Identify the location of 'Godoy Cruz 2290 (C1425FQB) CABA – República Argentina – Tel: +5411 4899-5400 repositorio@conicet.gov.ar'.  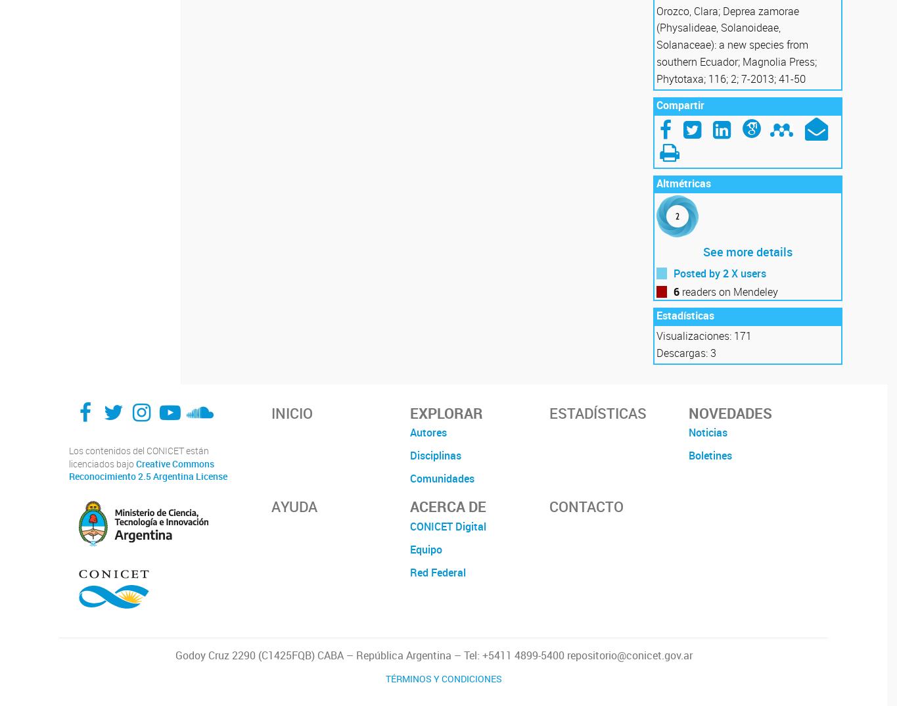
(175, 654).